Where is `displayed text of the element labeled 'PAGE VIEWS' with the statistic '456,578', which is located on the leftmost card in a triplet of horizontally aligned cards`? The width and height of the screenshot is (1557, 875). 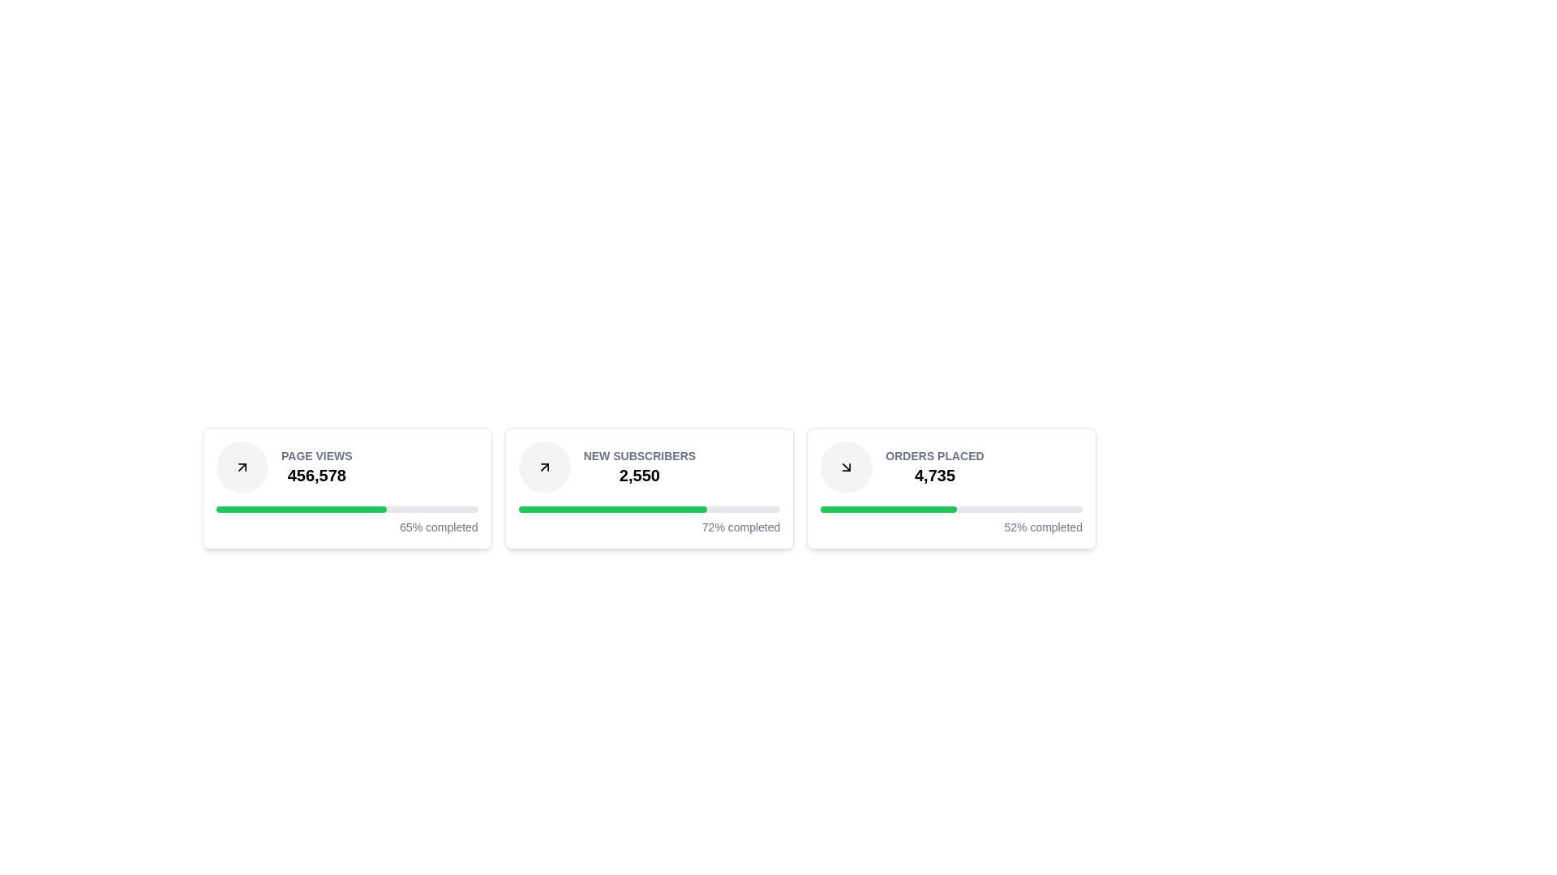
displayed text of the element labeled 'PAGE VIEWS' with the statistic '456,578', which is located on the leftmost card in a triplet of horizontally aligned cards is located at coordinates (316, 467).